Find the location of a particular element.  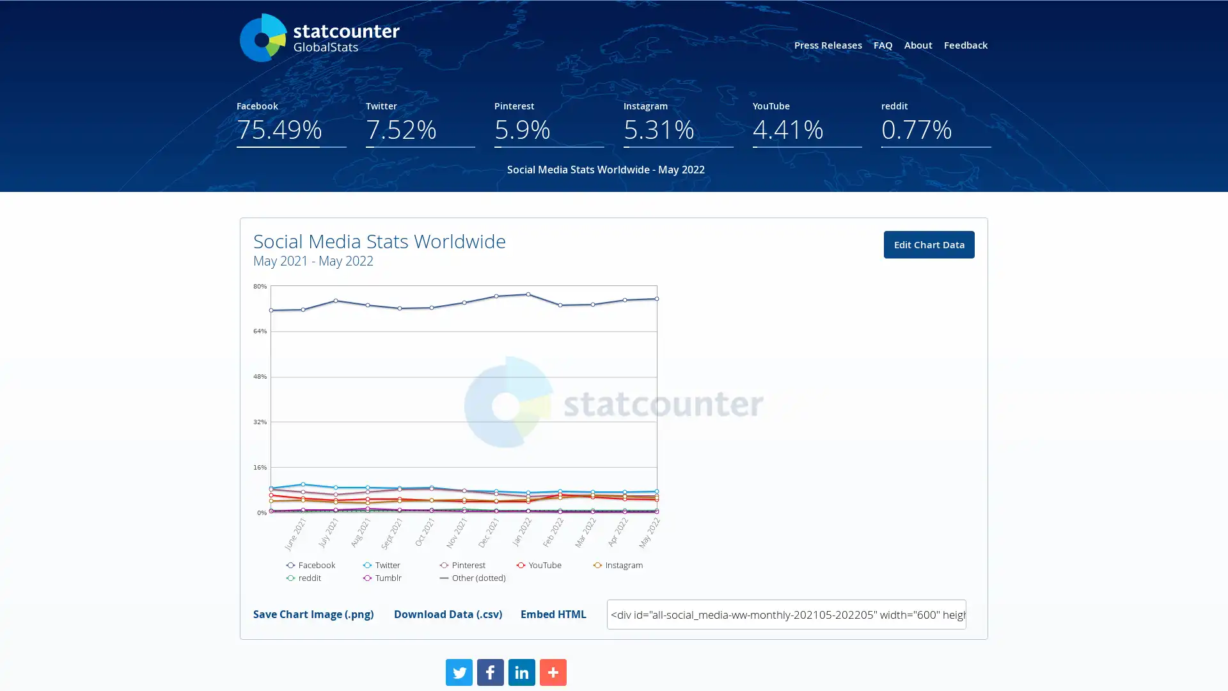

Share to Facebook Facebook is located at coordinates (548, 671).